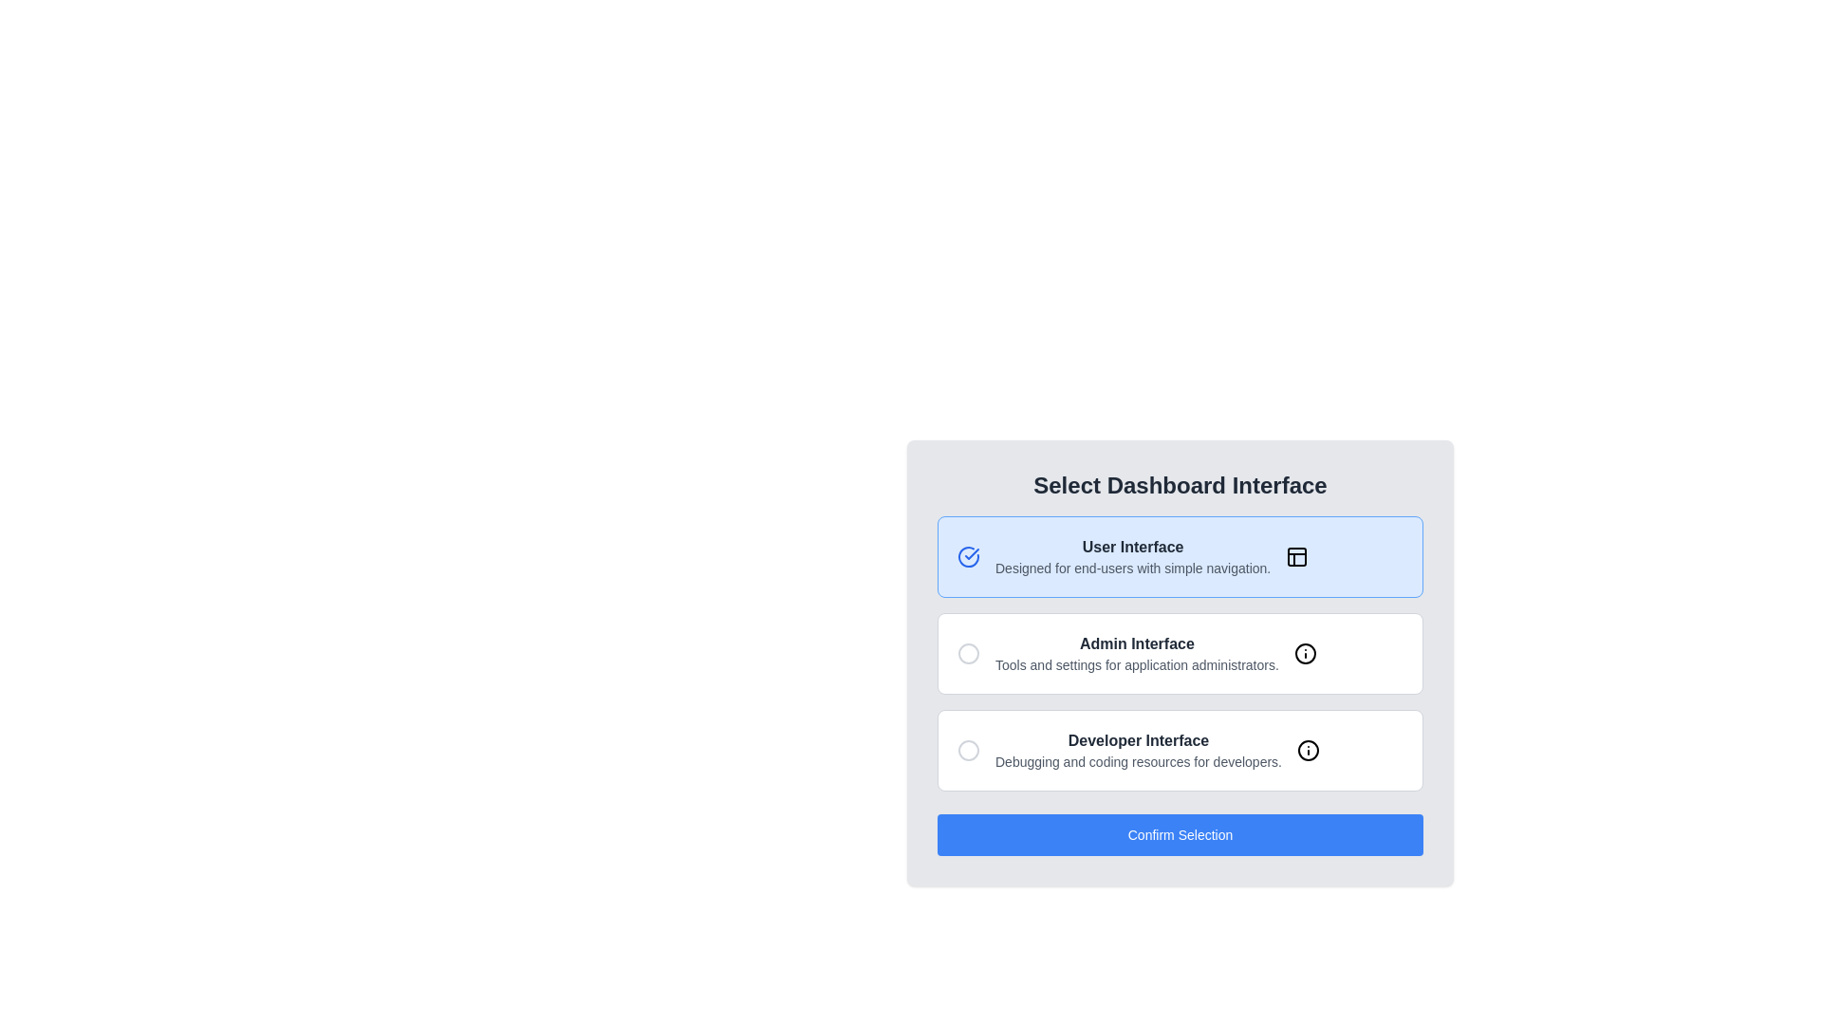 The height and width of the screenshot is (1025, 1822). What do you see at coordinates (969, 749) in the screenshot?
I see `the Circular outline icon located to the left of the text 'Developer Interface'` at bounding box center [969, 749].